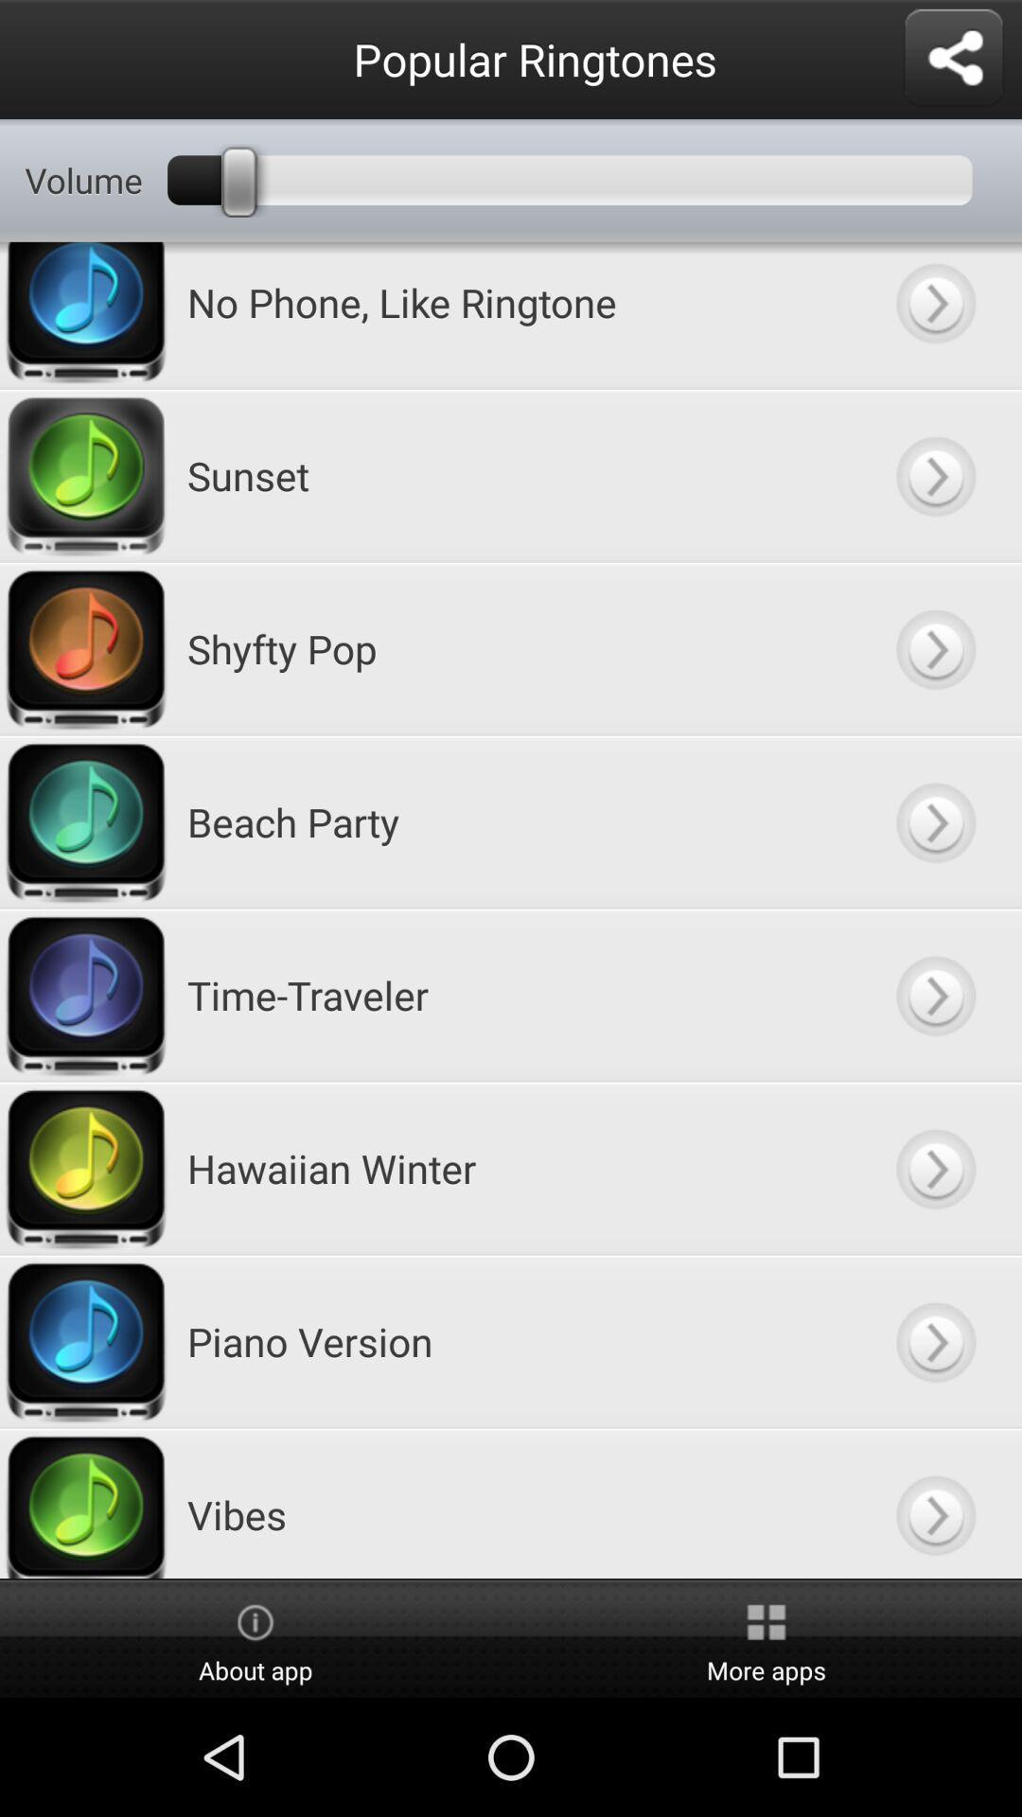  What do you see at coordinates (934, 821) in the screenshot?
I see `play` at bounding box center [934, 821].